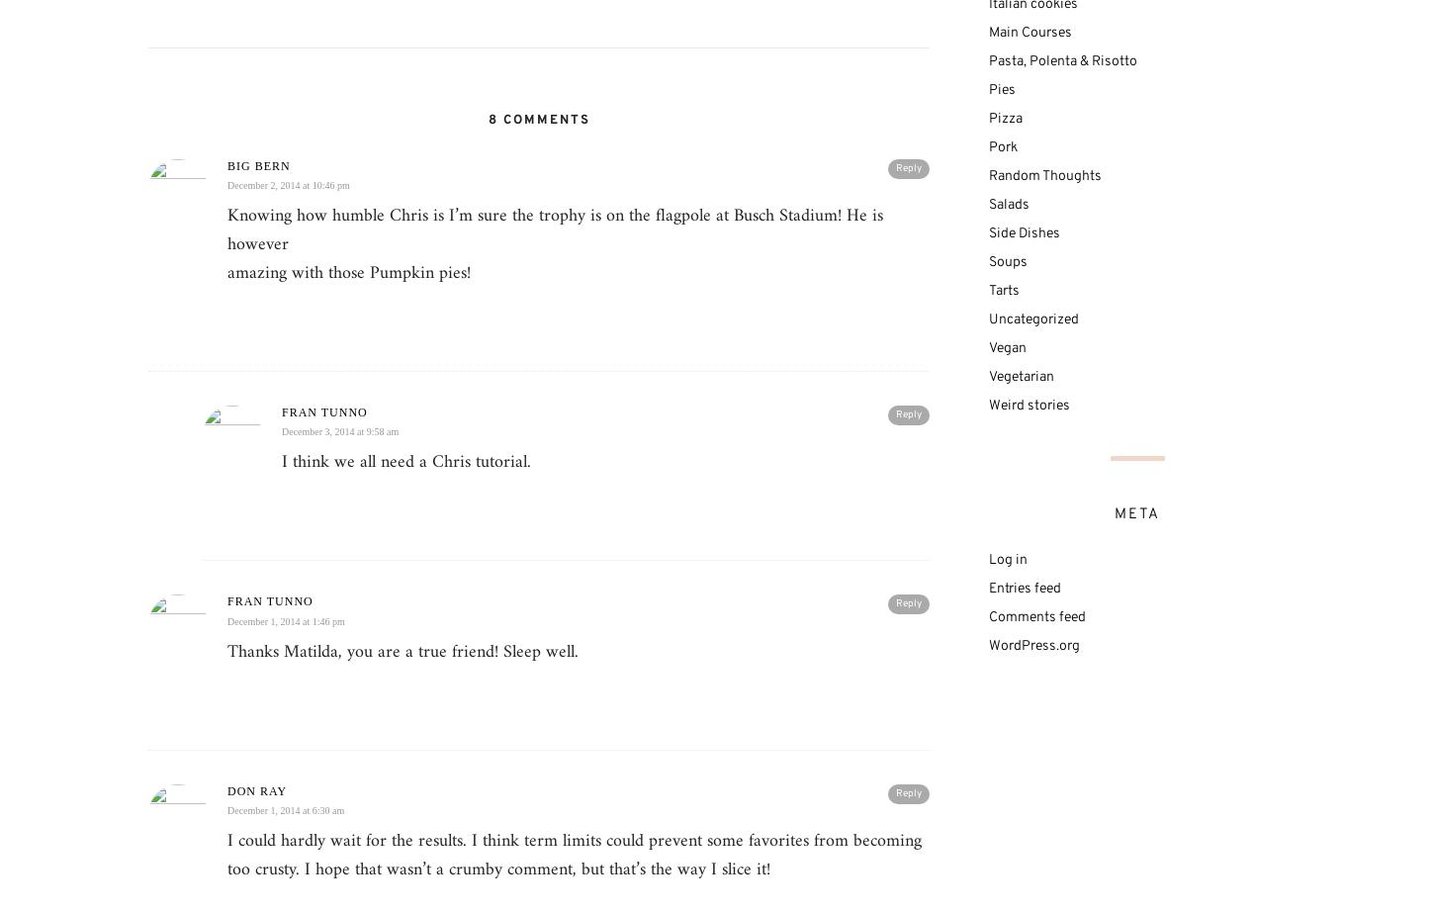 The image size is (1434, 913). What do you see at coordinates (1025, 588) in the screenshot?
I see `'Entries feed'` at bounding box center [1025, 588].